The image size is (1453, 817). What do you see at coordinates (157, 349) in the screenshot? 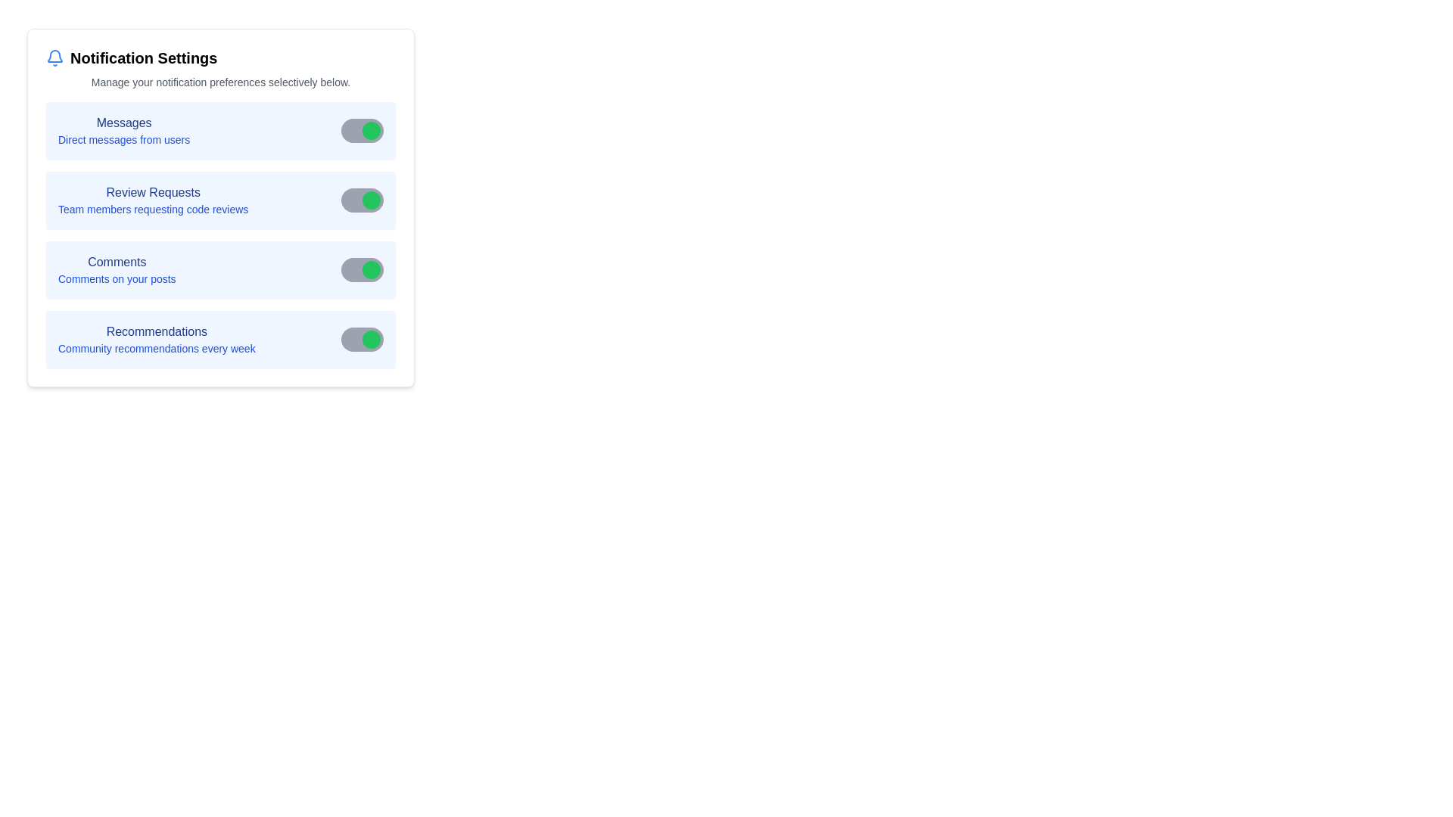
I see `the text label that provides supplementary information about the 'Recommendations' notification setting, located immediately below the 'Recommendations' heading in the notification settings section` at bounding box center [157, 349].